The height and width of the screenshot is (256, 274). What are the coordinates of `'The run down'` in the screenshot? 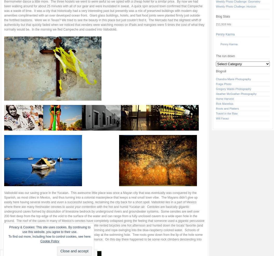 It's located at (225, 56).